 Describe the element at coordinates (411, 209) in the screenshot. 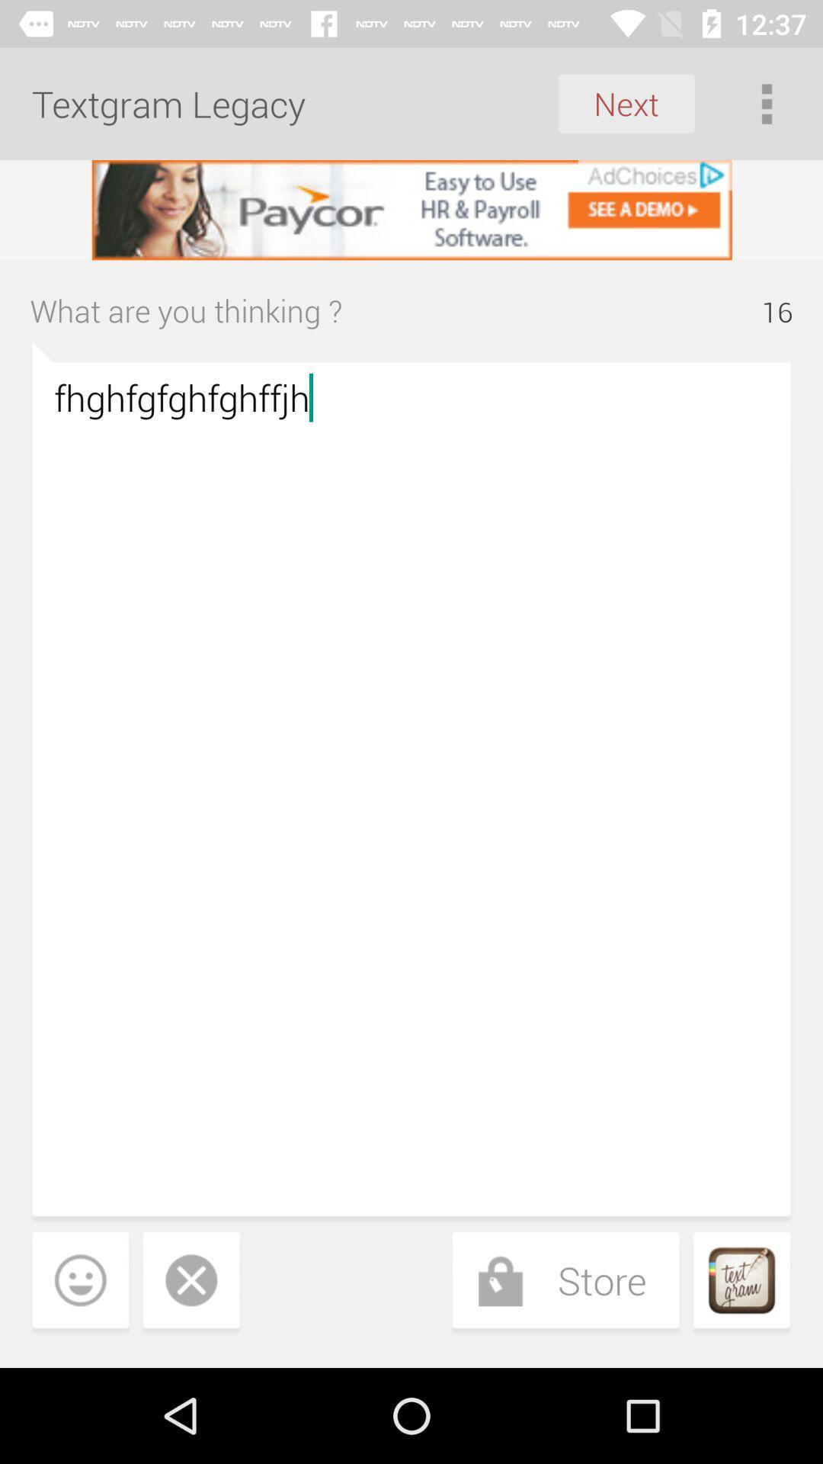

I see `advertisement` at that location.